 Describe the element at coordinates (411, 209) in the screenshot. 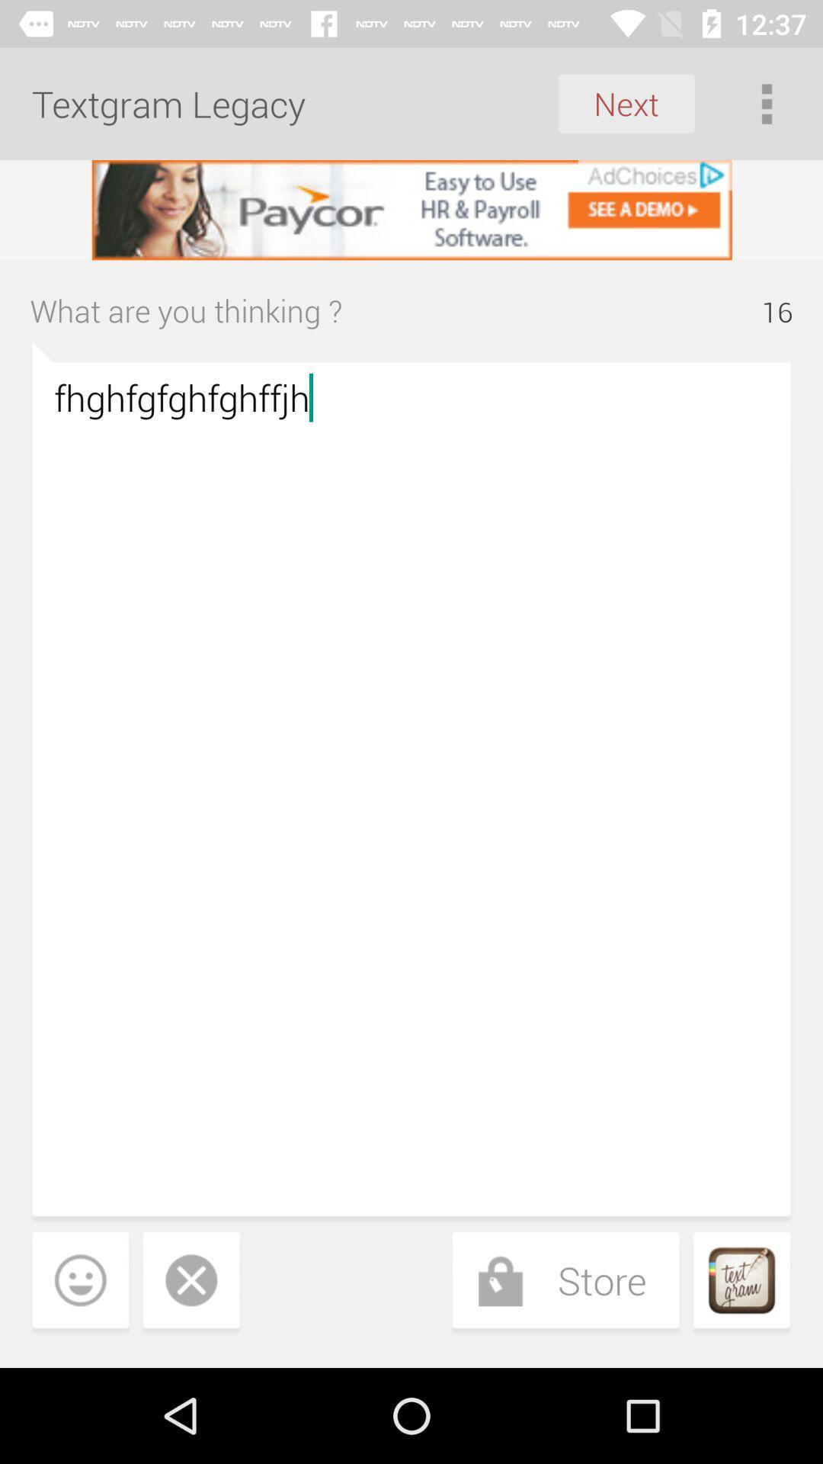

I see `advertisement` at that location.